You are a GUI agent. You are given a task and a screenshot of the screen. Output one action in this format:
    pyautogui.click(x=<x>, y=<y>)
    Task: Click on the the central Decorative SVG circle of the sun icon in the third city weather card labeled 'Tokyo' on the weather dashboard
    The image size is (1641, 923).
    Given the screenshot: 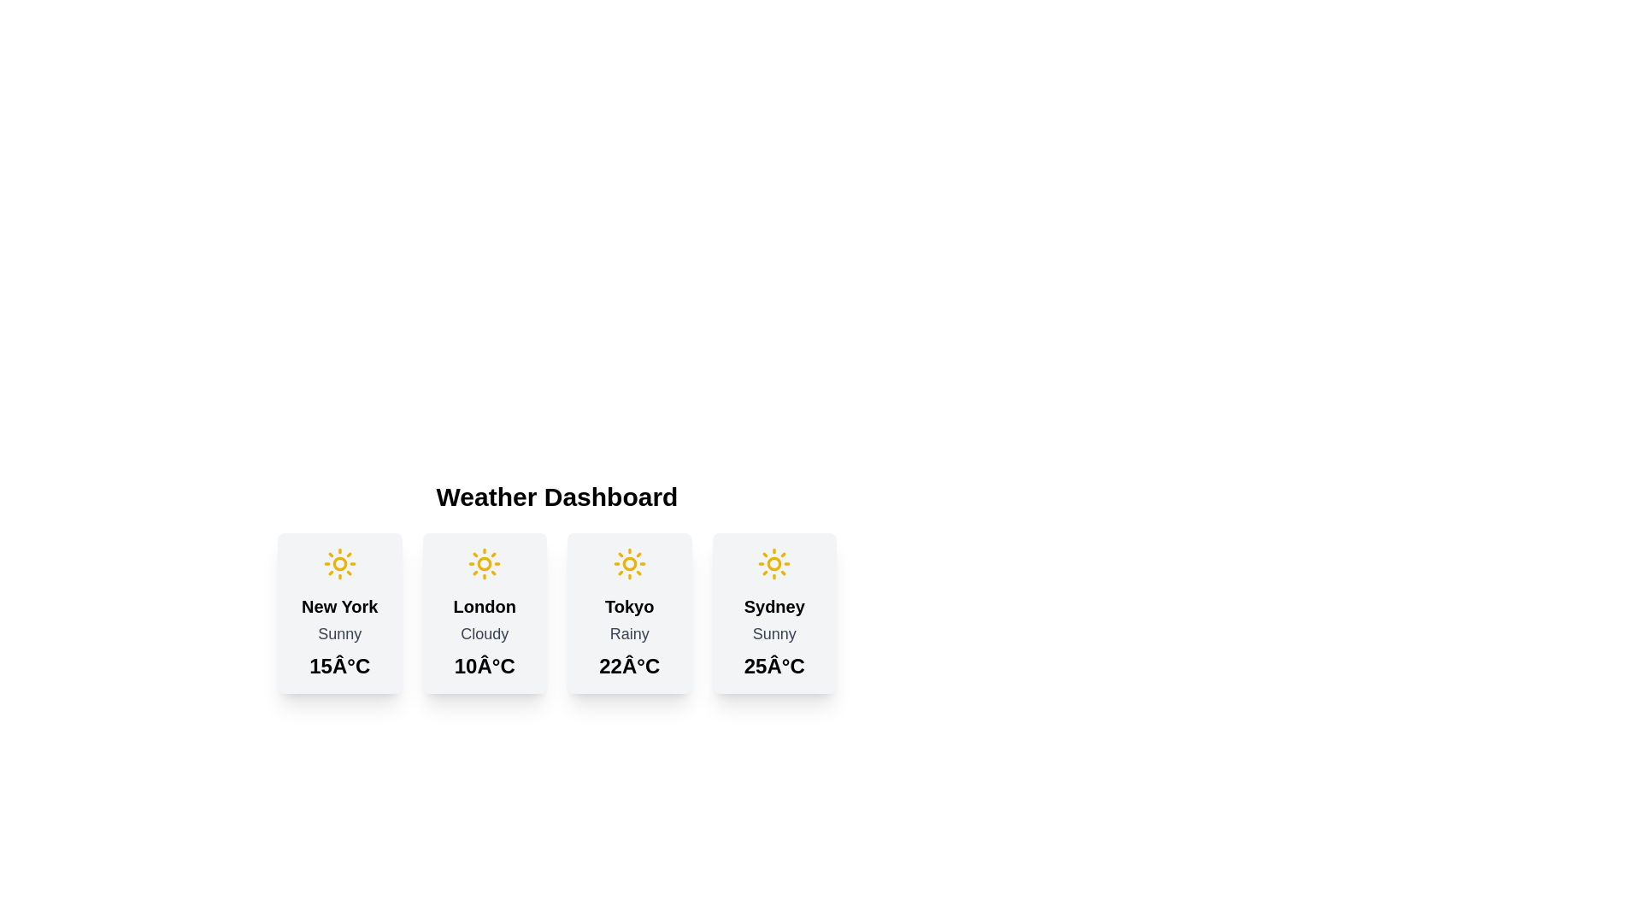 What is the action you would take?
    pyautogui.click(x=628, y=563)
    